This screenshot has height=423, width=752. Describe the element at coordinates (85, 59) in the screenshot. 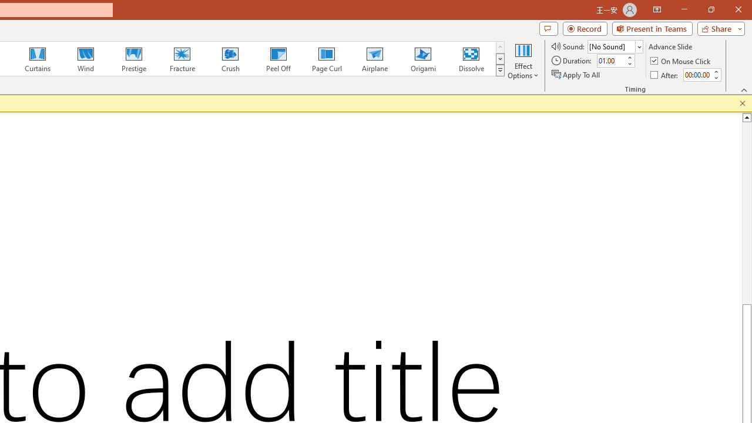

I see `'Wind'` at that location.